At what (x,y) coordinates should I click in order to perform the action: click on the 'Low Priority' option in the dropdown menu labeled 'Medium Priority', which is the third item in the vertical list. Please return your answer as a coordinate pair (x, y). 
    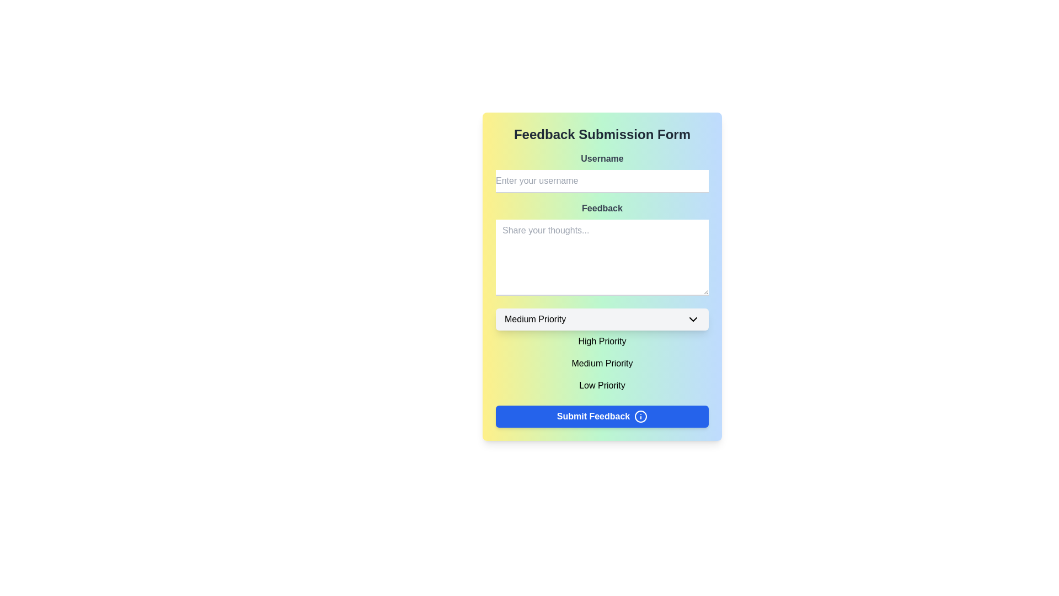
    Looking at the image, I should click on (601, 385).